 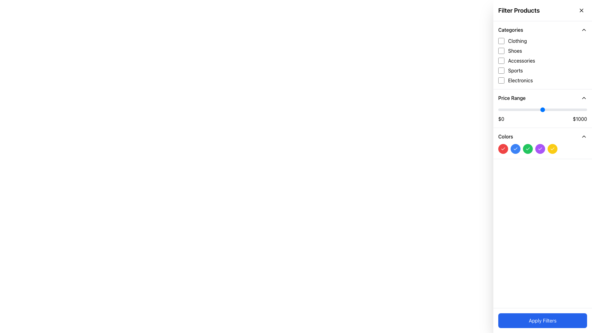 I want to click on the 'Categories' text label, which is a bold heading at the top of the filter sidebar, indicating the section for product categories, so click(x=511, y=30).